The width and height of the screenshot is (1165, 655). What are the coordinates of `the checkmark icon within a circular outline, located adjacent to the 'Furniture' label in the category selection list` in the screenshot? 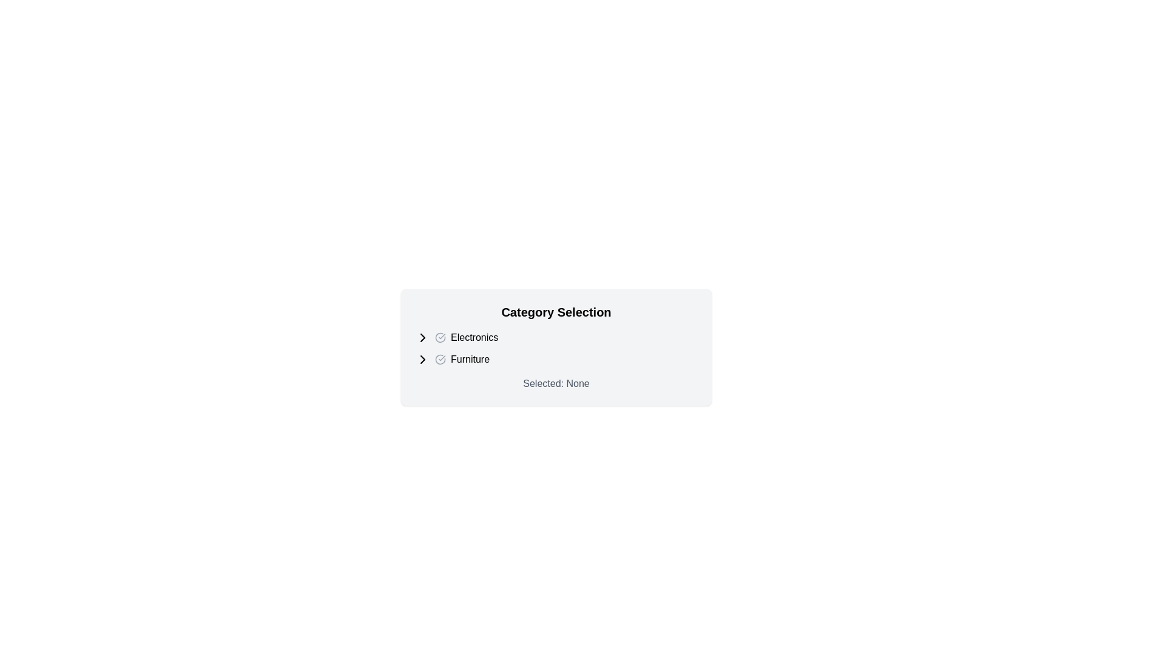 It's located at (439, 359).